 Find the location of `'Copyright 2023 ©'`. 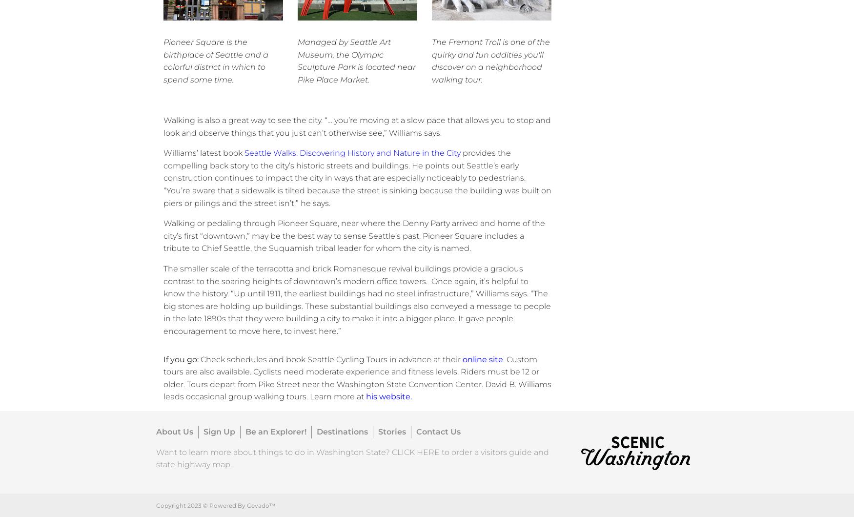

'Copyright 2023 ©' is located at coordinates (183, 504).